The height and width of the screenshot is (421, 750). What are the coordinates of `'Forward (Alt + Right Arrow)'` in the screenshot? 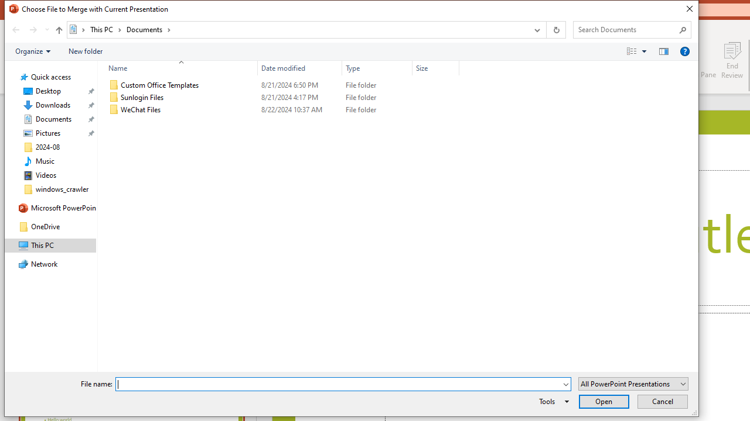 It's located at (33, 29).